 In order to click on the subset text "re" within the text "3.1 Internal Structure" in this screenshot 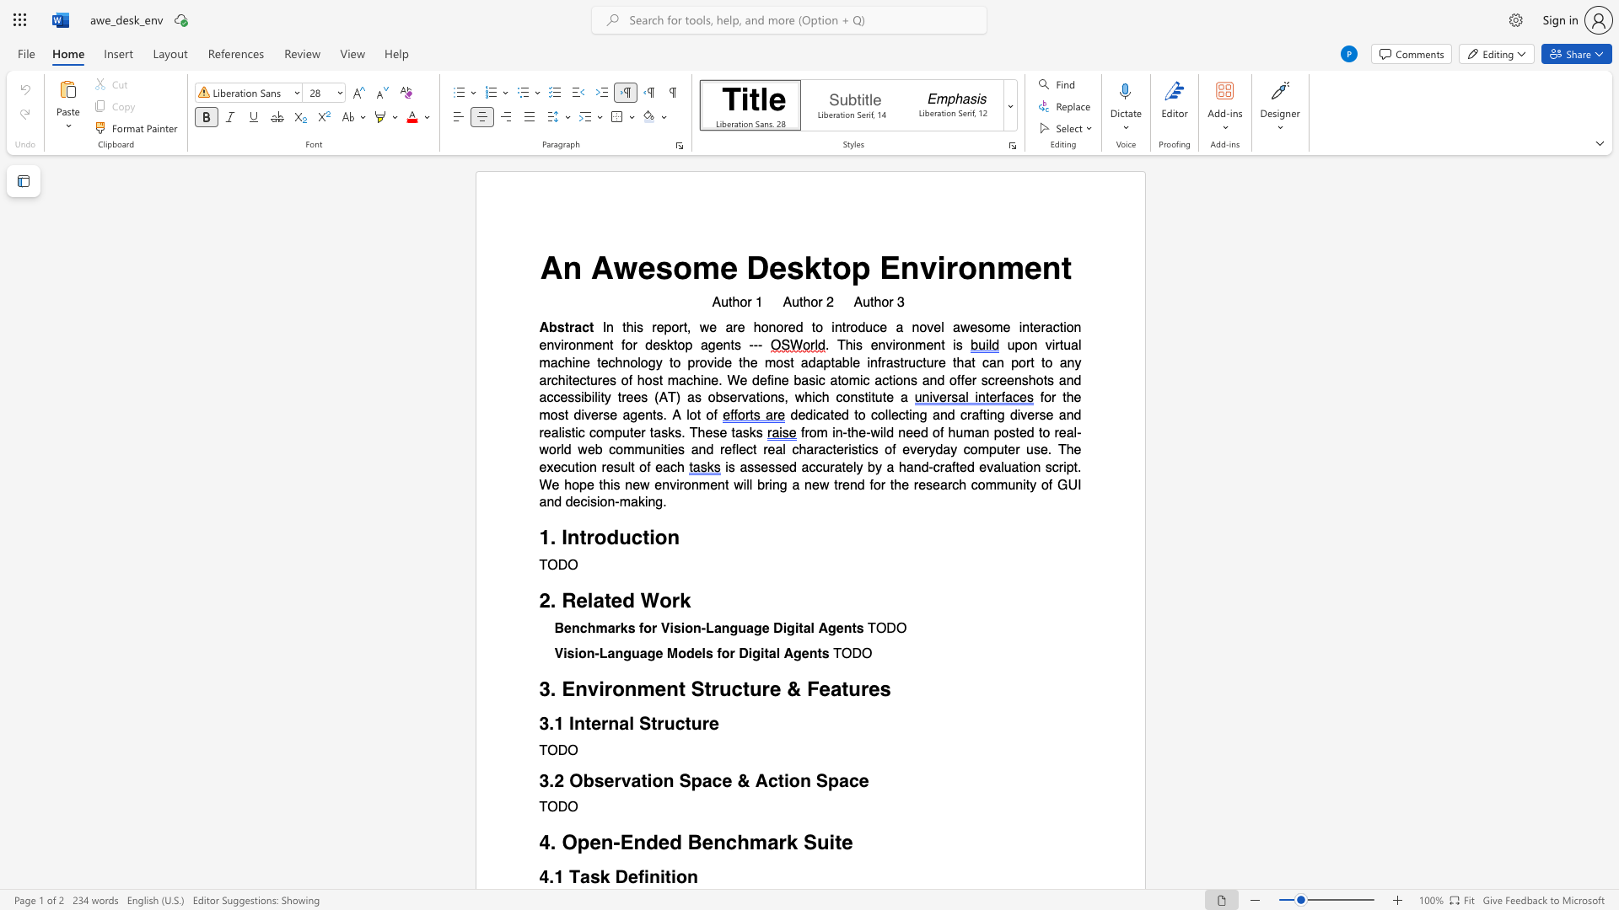, I will do `click(702, 722)`.